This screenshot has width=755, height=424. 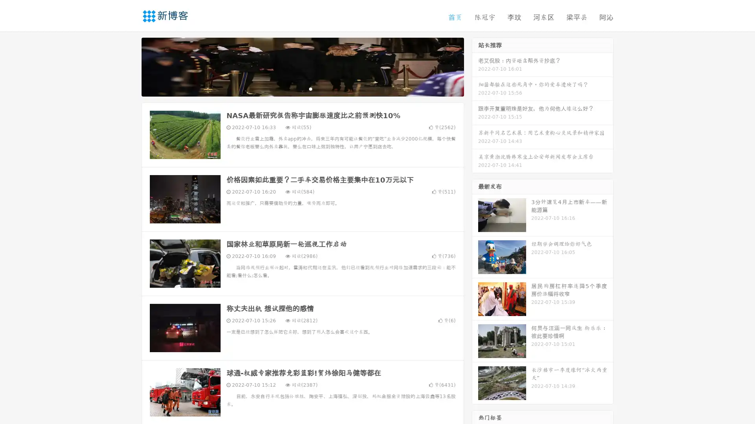 I want to click on Previous slide, so click(x=130, y=66).